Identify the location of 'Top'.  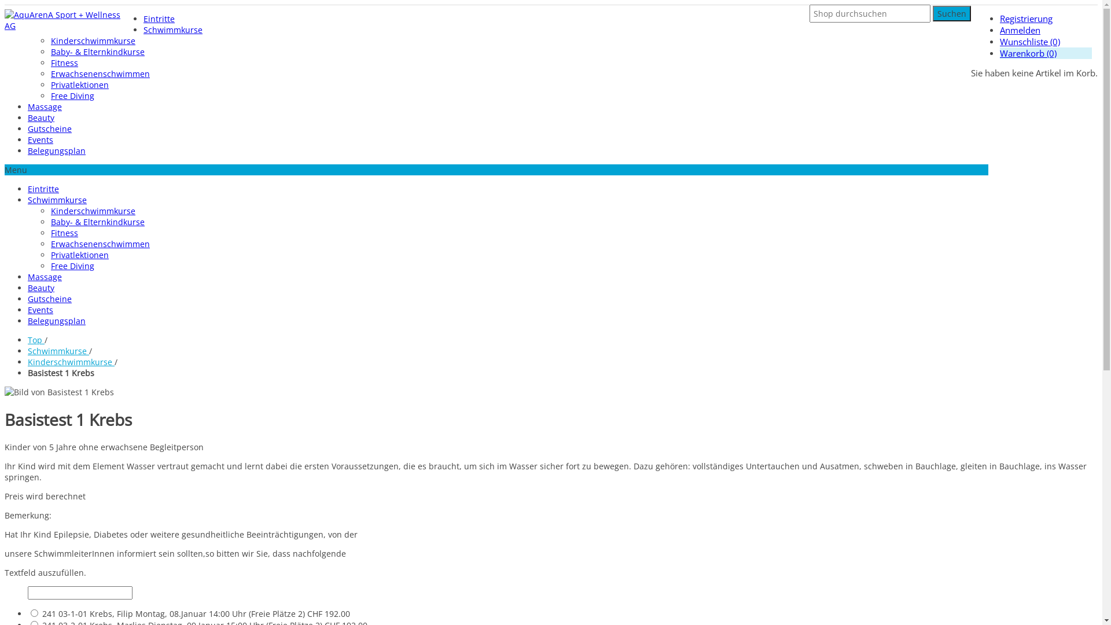
(28, 339).